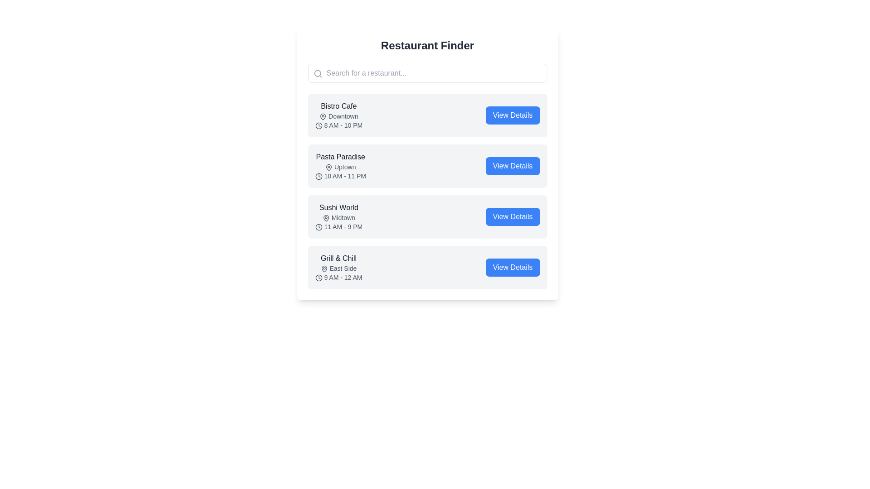 This screenshot has height=489, width=870. I want to click on the circle within the SVG clock icon, which is part of the 'Bistro Cafe' card, located above the 'Downtown' text and next to the '8 AM - 10 PM' timing, so click(319, 126).